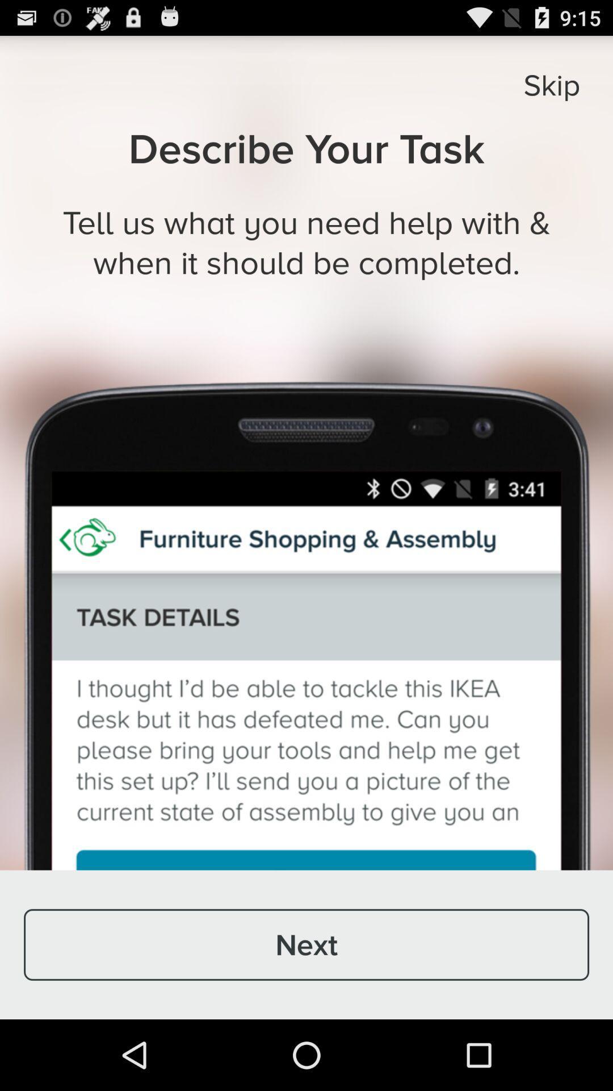 This screenshot has width=613, height=1091. I want to click on the icon at the top right corner, so click(551, 84).